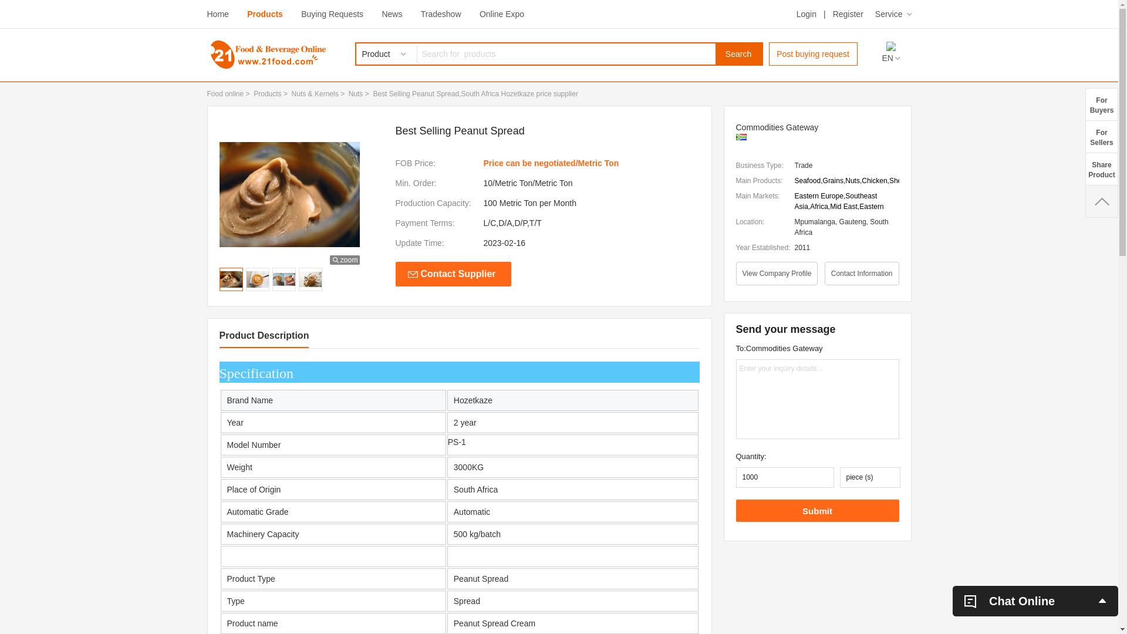  Describe the element at coordinates (264, 14) in the screenshot. I see `'Products'` at that location.